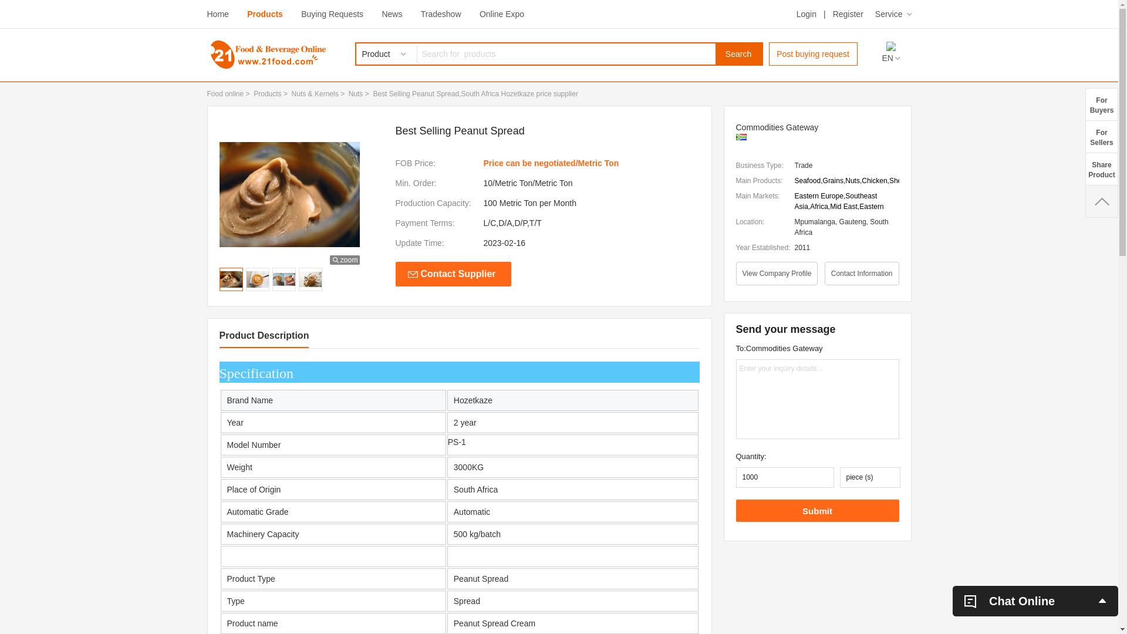  Describe the element at coordinates (264, 14) in the screenshot. I see `'Products'` at that location.